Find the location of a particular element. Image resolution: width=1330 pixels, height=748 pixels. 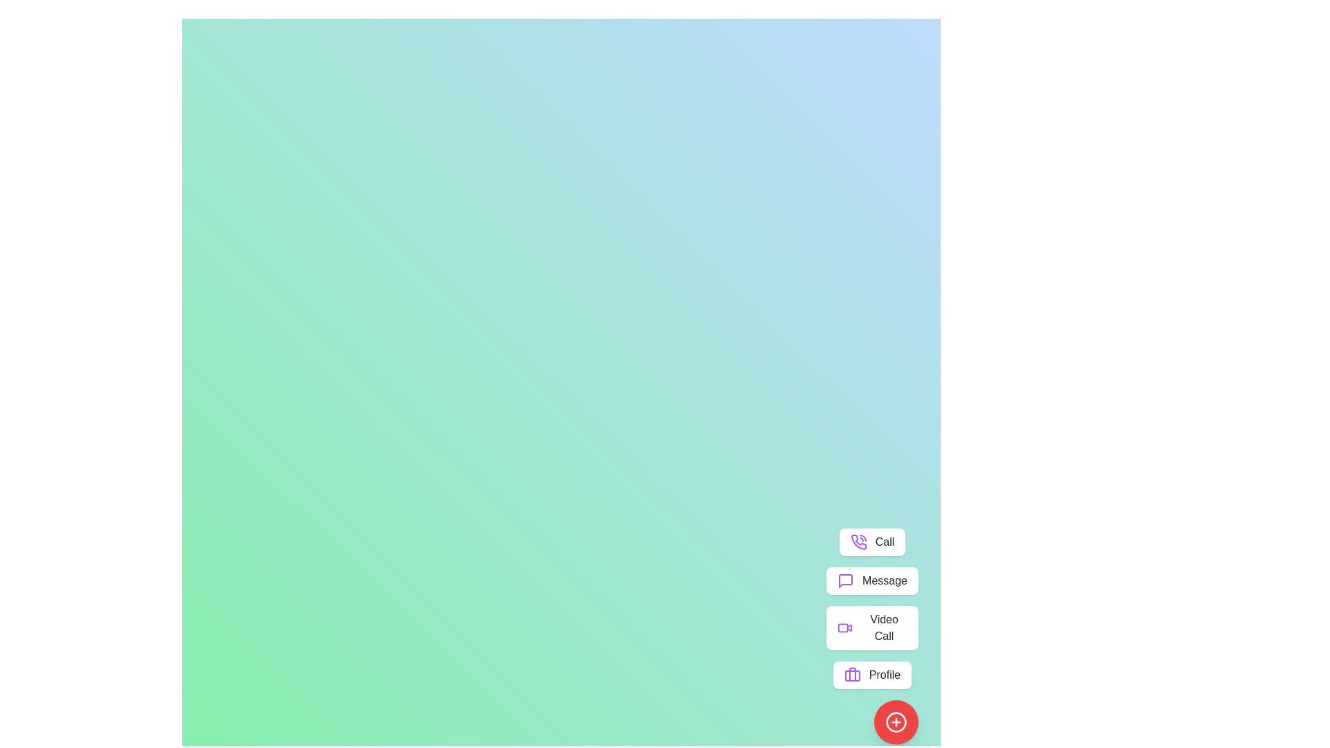

the 'Call' button to initiate the call action is located at coordinates (871, 542).